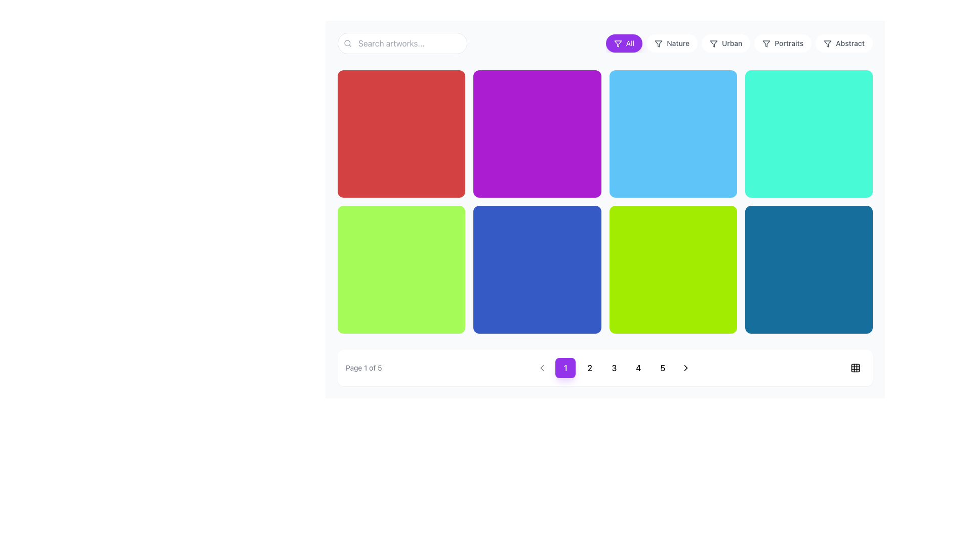 This screenshot has height=546, width=972. Describe the element at coordinates (542, 368) in the screenshot. I see `the button located to the immediate left of the '1' page button in the pagination control` at that location.